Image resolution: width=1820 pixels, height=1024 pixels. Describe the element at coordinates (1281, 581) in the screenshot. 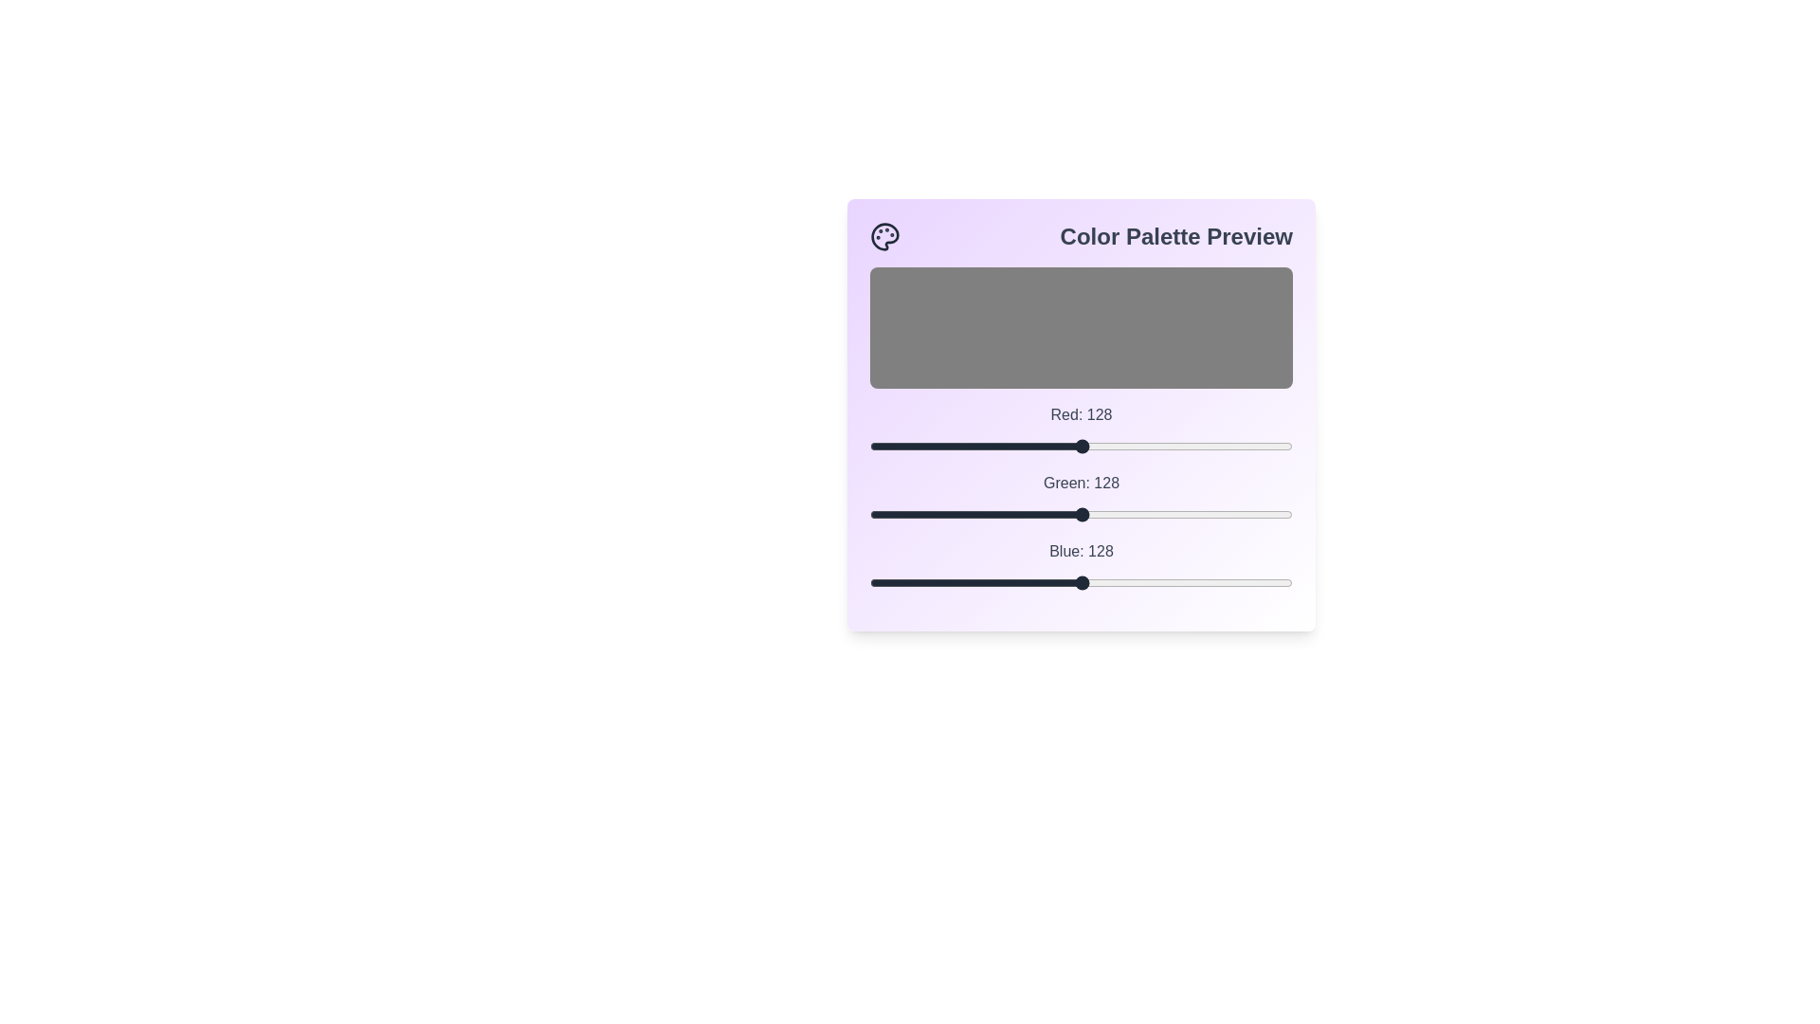

I see `the blue component` at that location.